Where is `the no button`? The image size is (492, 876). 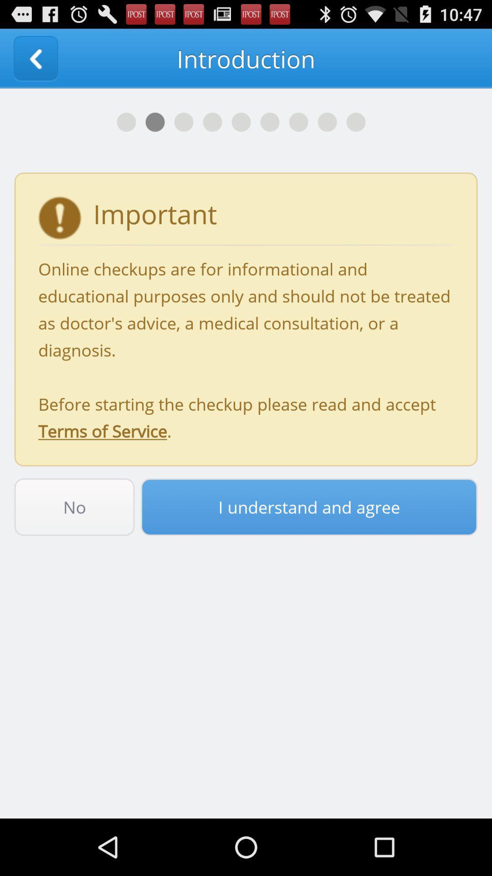 the no button is located at coordinates (74, 506).